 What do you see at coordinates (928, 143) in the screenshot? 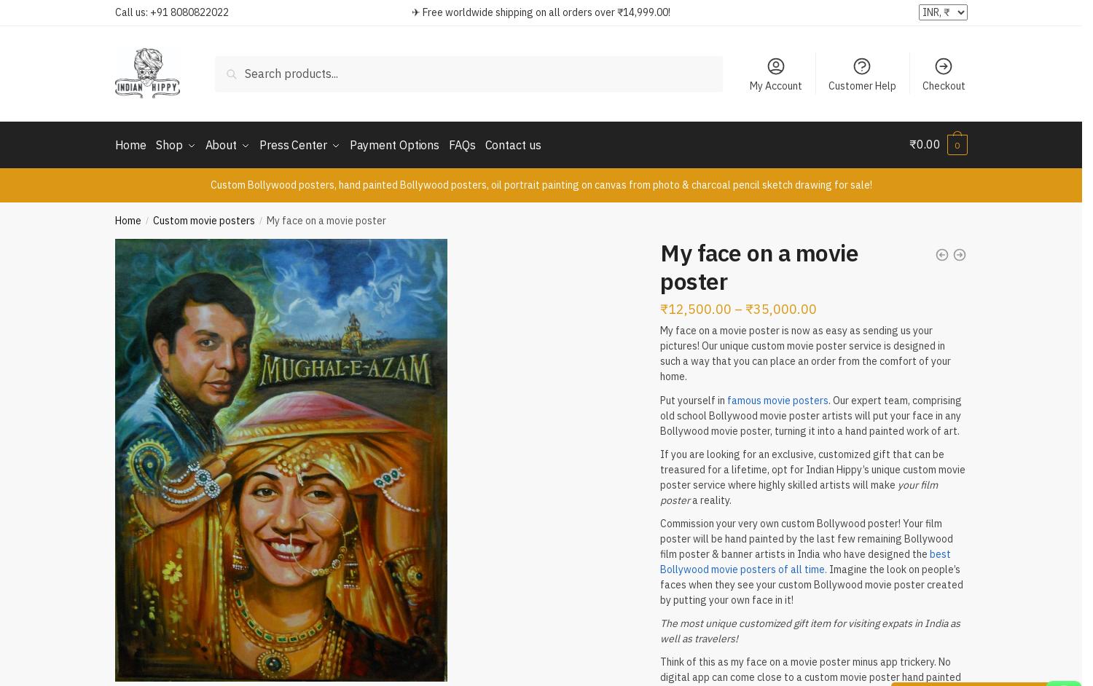
I see `'0.00'` at bounding box center [928, 143].